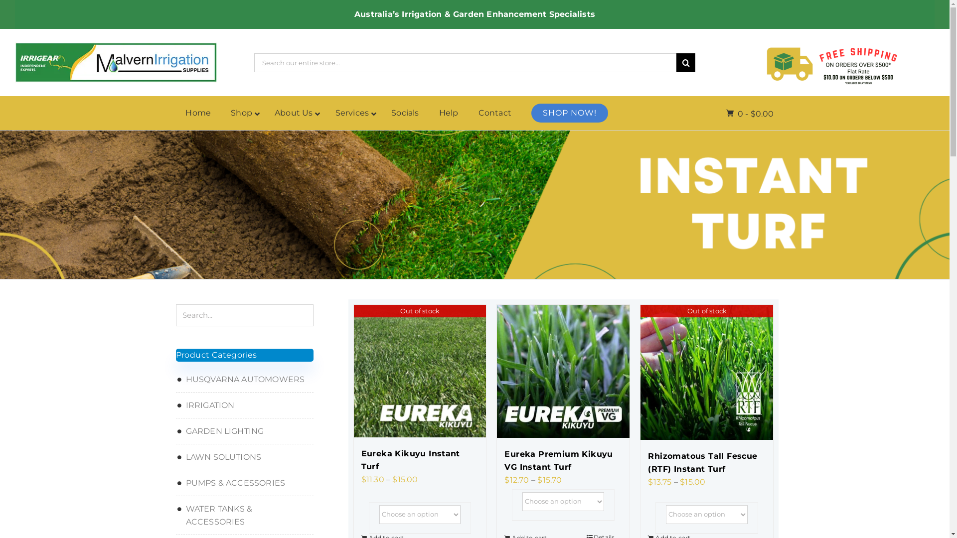 The height and width of the screenshot is (538, 957). Describe the element at coordinates (244, 380) in the screenshot. I see `'HUSQVARNA AUTOMOWERS'` at that location.